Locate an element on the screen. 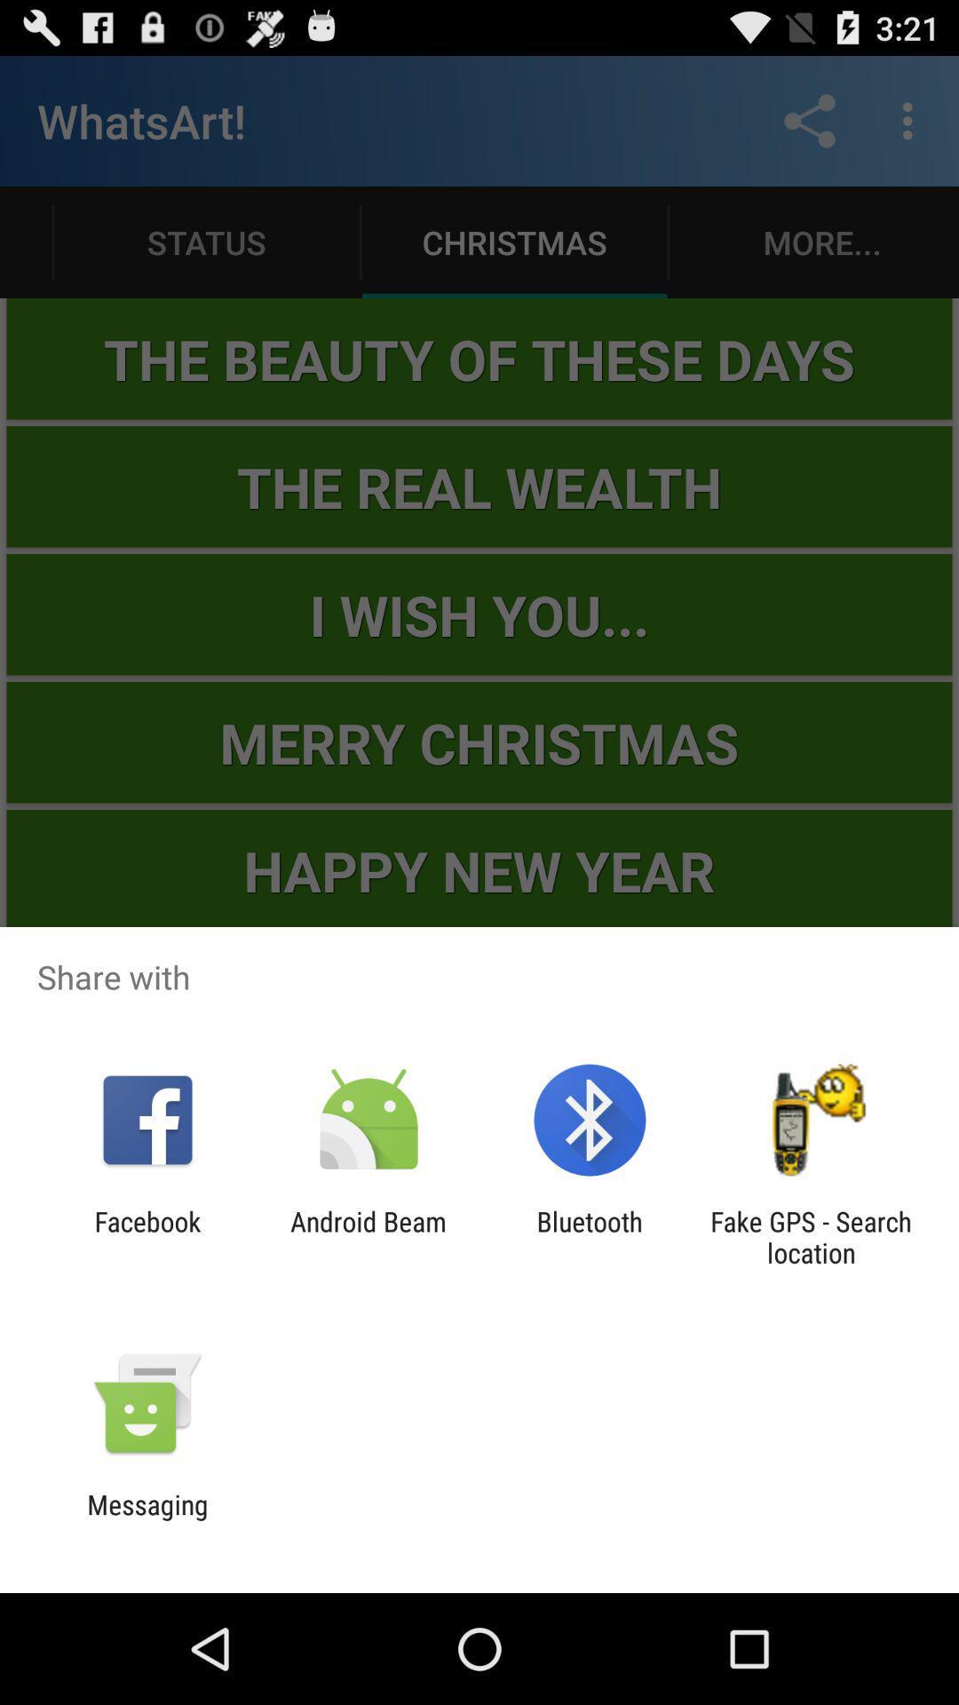 This screenshot has height=1705, width=959. item next to android beam is located at coordinates (590, 1236).